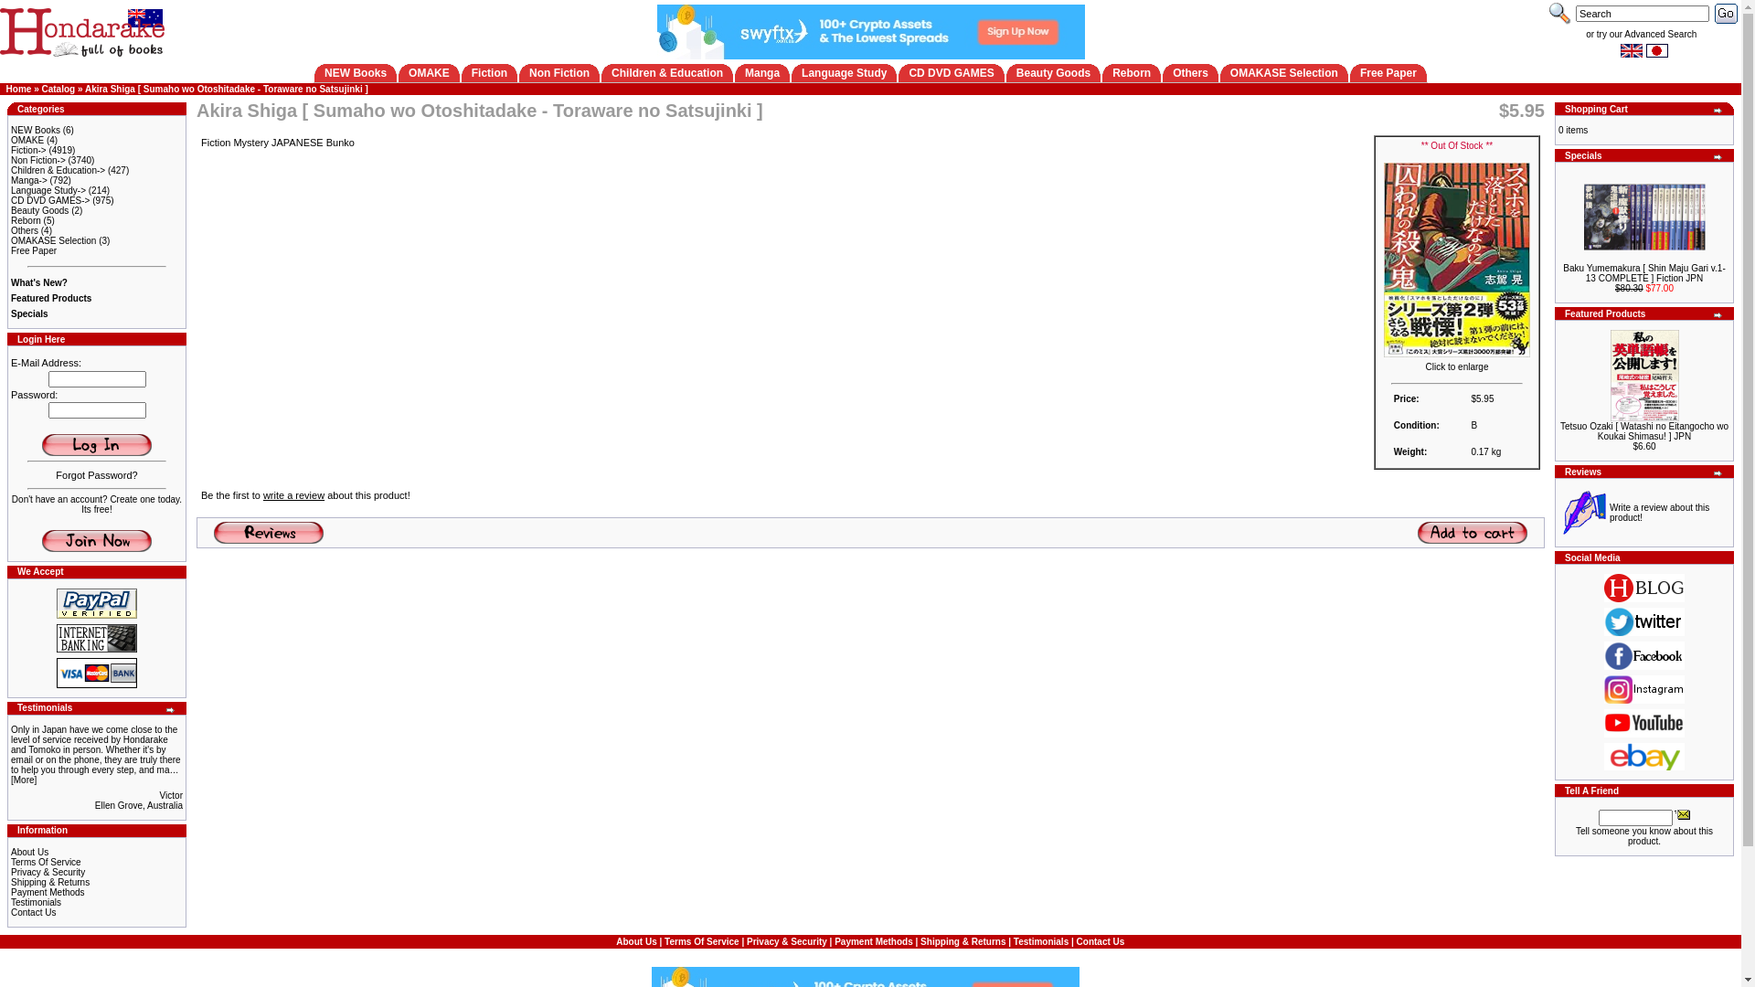  What do you see at coordinates (81, 31) in the screenshot?
I see `' FULL OF BOOKS Online '` at bounding box center [81, 31].